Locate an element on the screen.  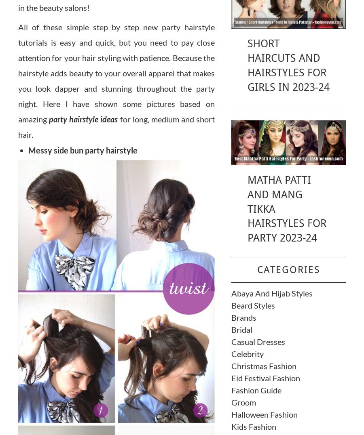
'All of these simple step by step new party hairstyle tutorials is easy and quick, but you need to pay close attention for your hair styling with patience. Because the hairstyle adds beauty to your overall apparel that makes you look' is located at coordinates (116, 57).